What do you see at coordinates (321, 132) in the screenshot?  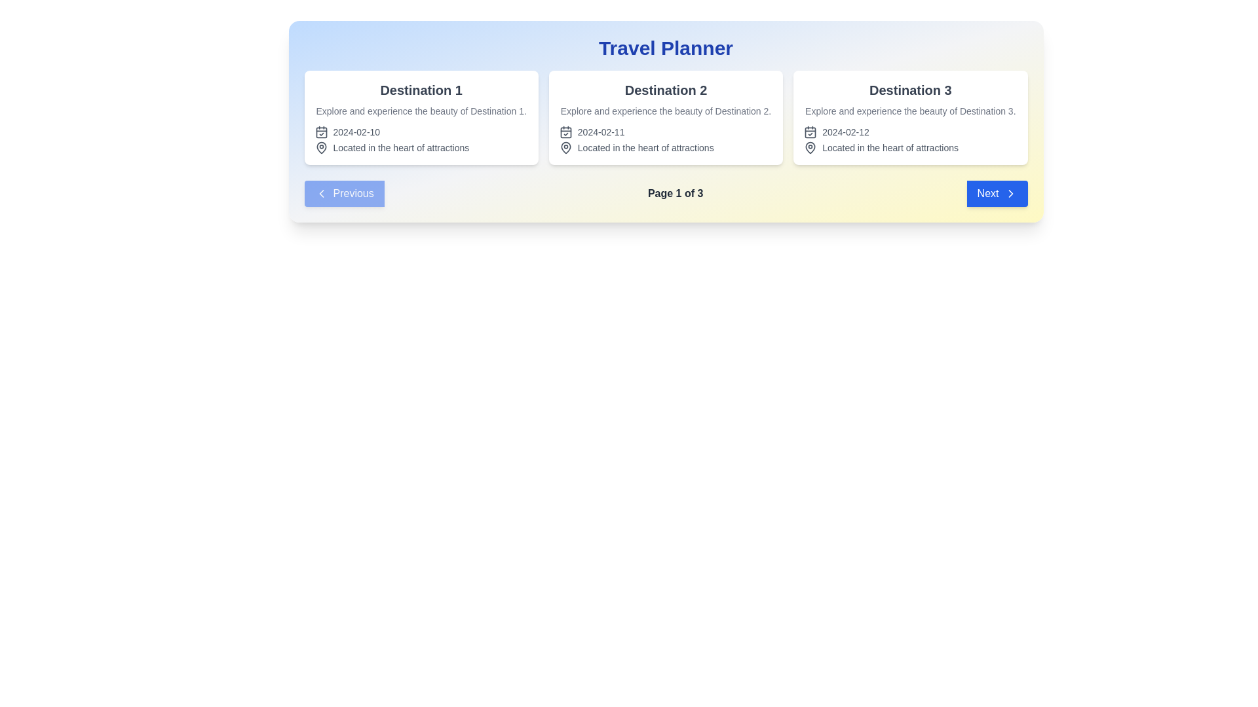 I see `the calendar icon located to the left of the date text '2024-02-10' within the 'Destination 1' card` at bounding box center [321, 132].